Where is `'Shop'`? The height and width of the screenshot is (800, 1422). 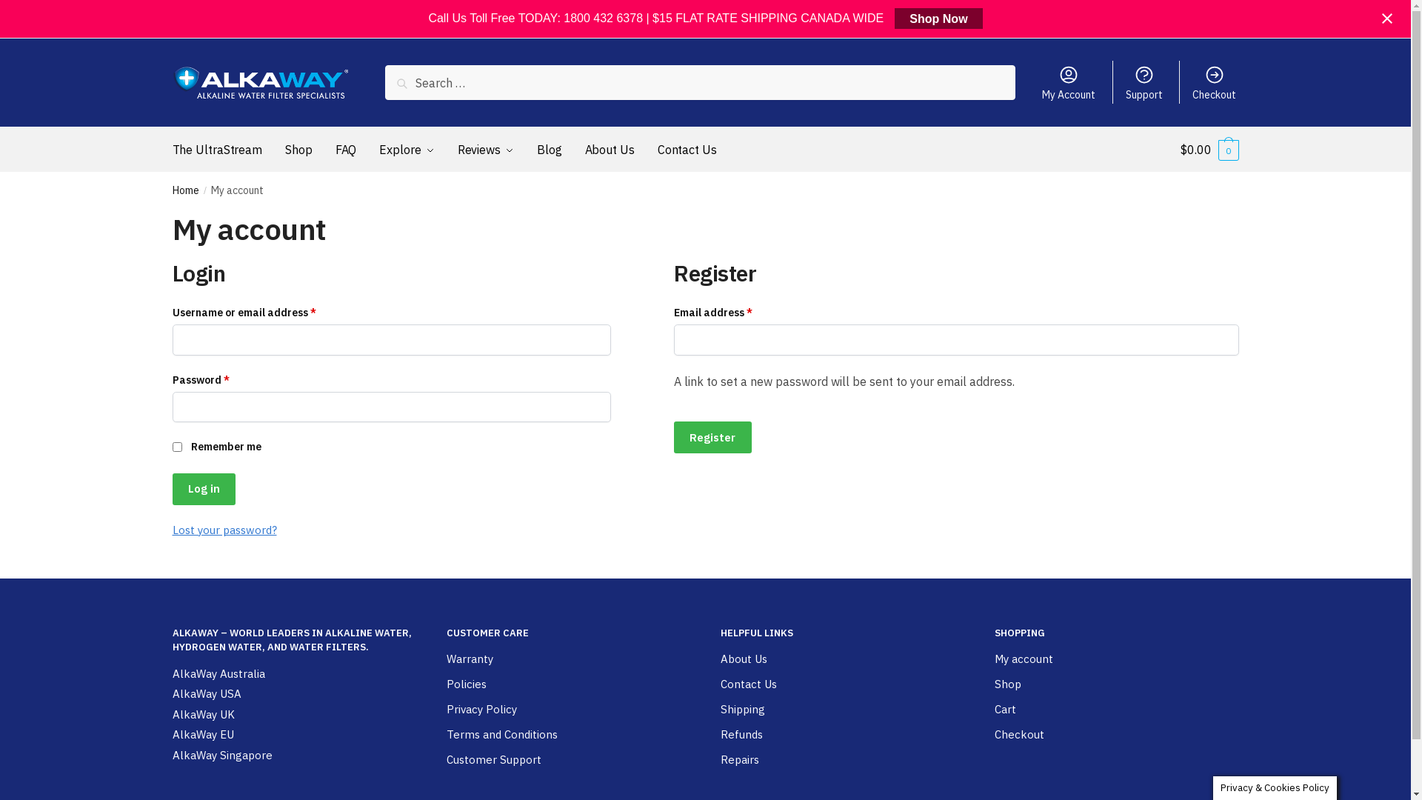
'Shop' is located at coordinates (1007, 684).